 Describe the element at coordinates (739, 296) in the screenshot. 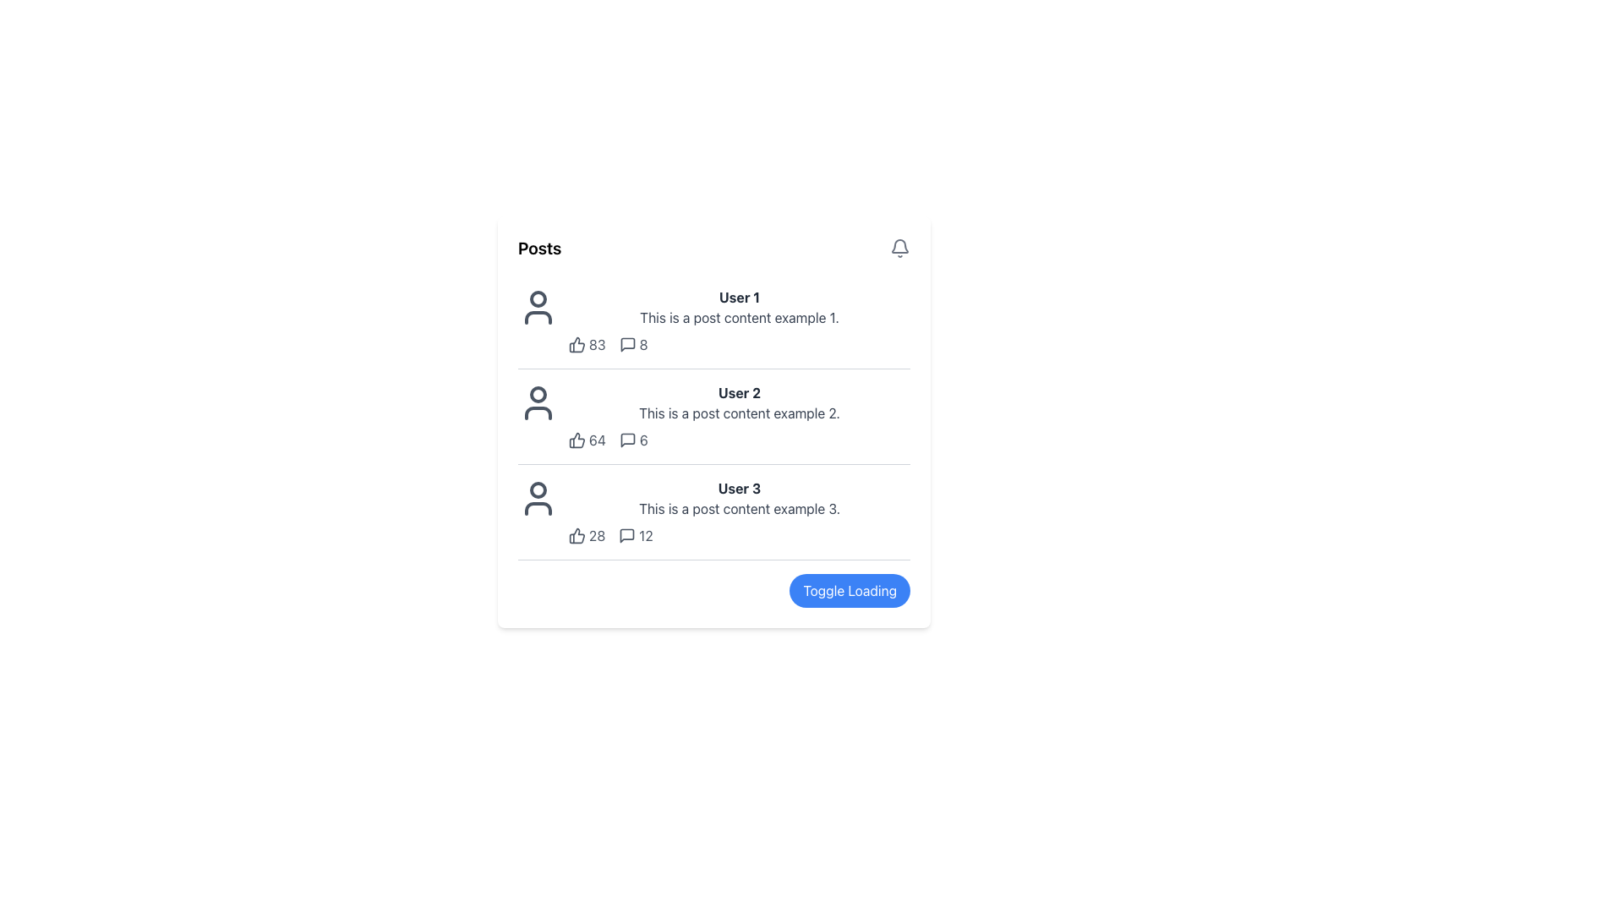

I see `text label displaying the name of the user associated with the post, which is positioned at the top of the content block for 'User 1'` at that location.